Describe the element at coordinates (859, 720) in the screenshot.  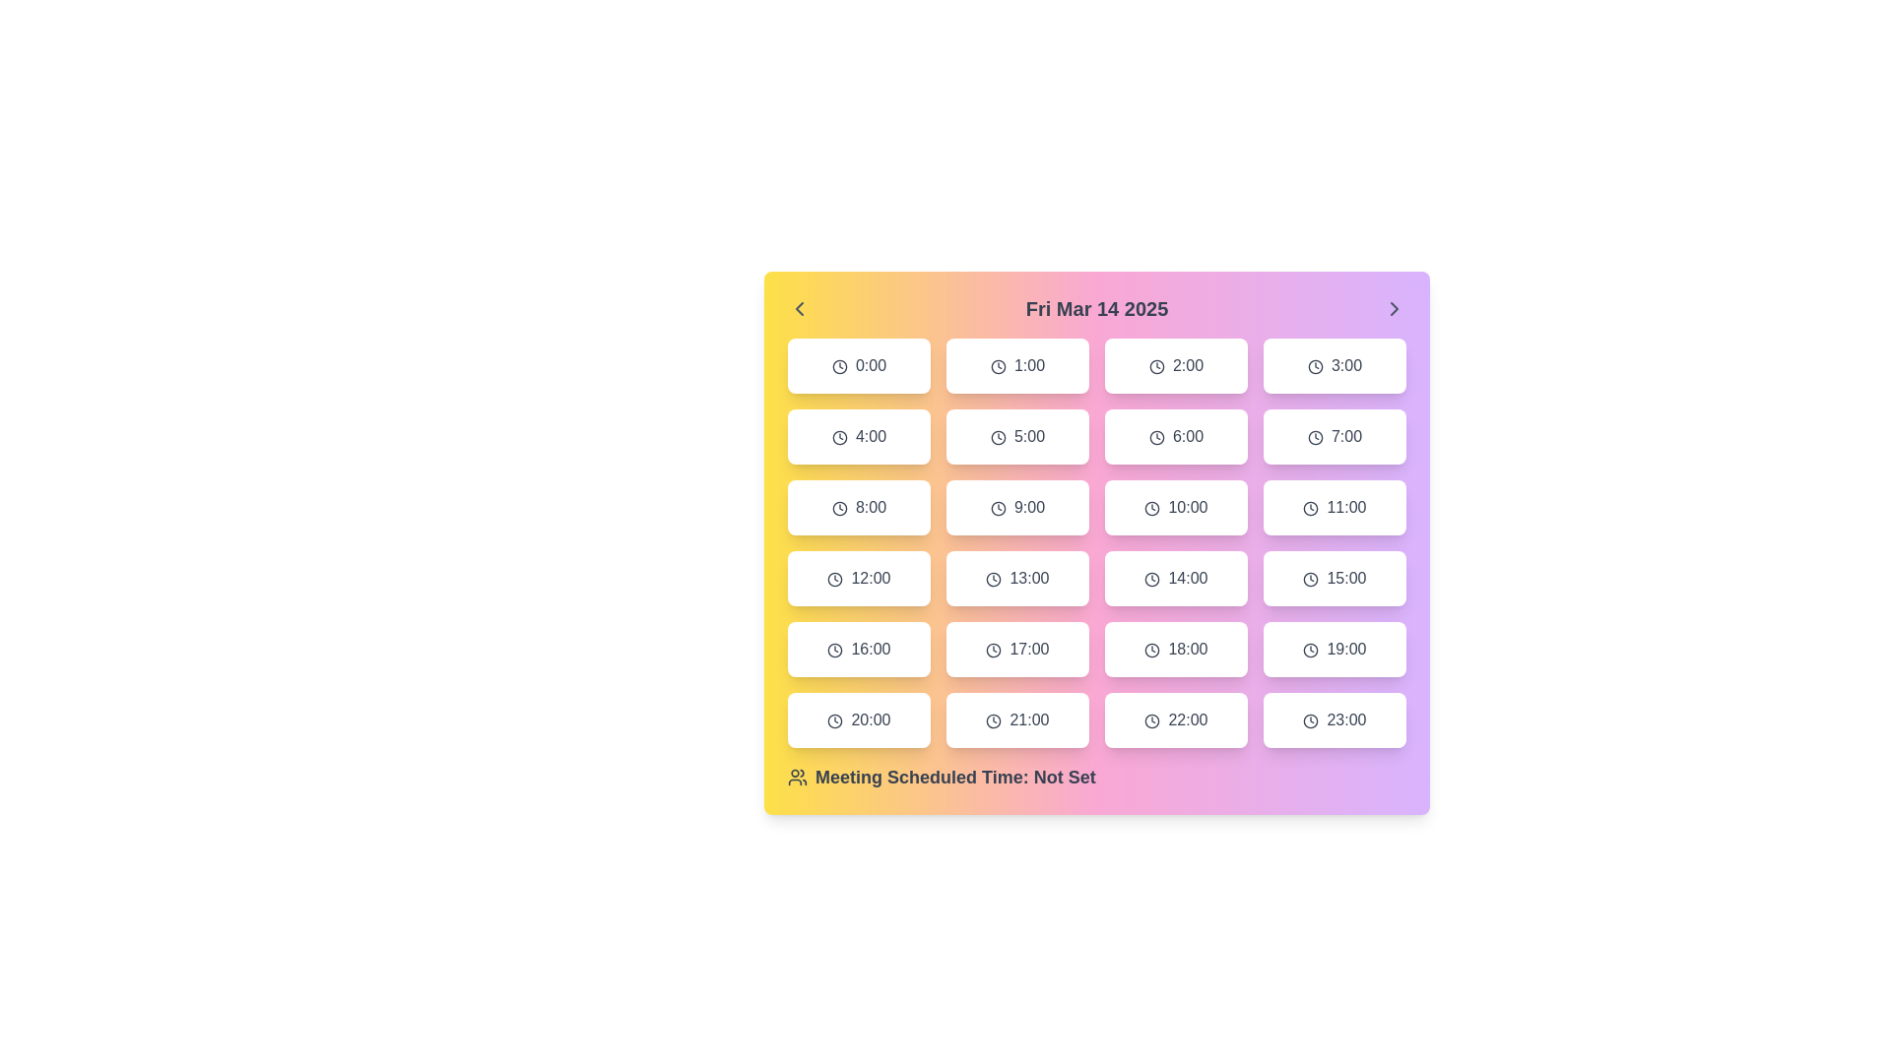
I see `the rectangular button with a white background and a clock icon, labeled '20:00', located in the sixth row and first column of the grid` at that location.